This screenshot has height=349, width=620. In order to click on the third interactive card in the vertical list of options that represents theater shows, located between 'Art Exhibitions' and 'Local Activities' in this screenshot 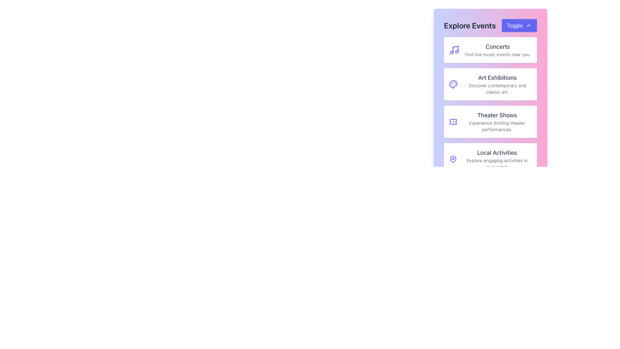, I will do `click(490, 122)`.